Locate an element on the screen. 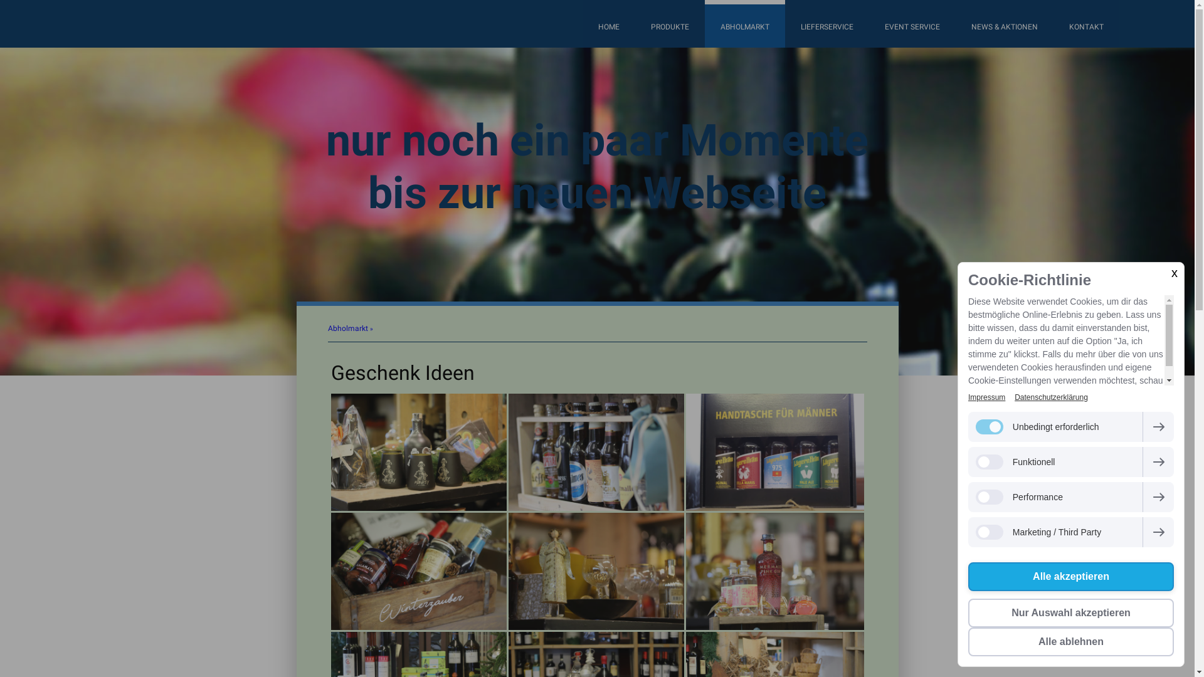  'ABHOLMARKT' is located at coordinates (745, 24).